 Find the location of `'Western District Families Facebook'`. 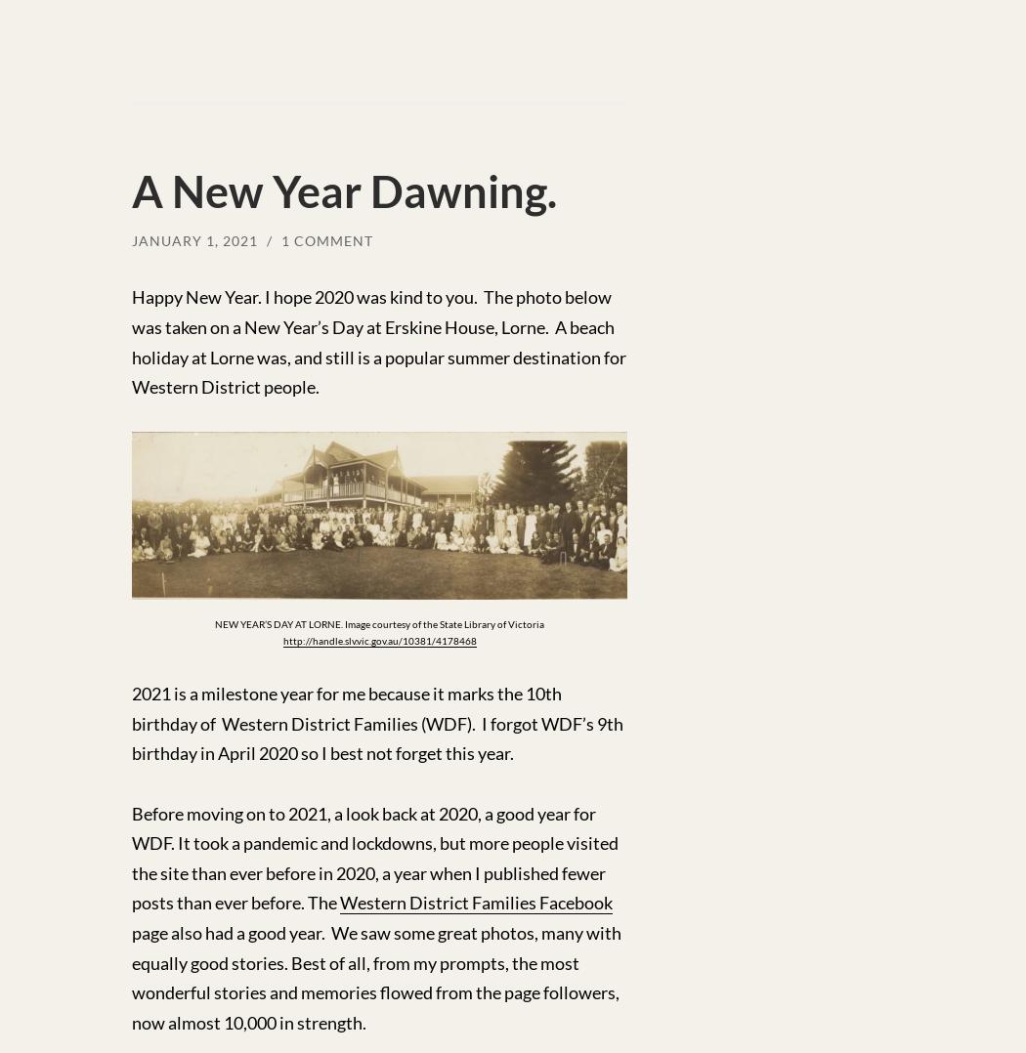

'Western District Families Facebook' is located at coordinates (476, 902).